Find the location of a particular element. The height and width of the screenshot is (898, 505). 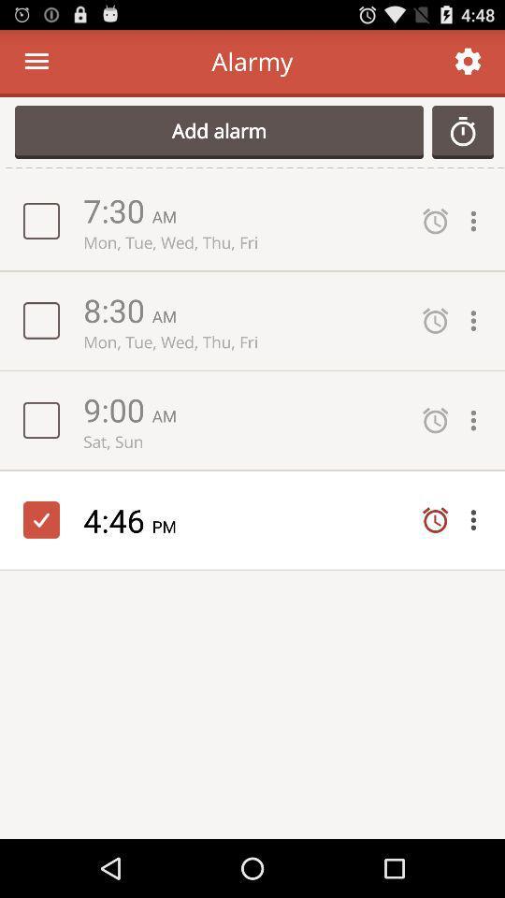

add alarm item is located at coordinates (218, 131).